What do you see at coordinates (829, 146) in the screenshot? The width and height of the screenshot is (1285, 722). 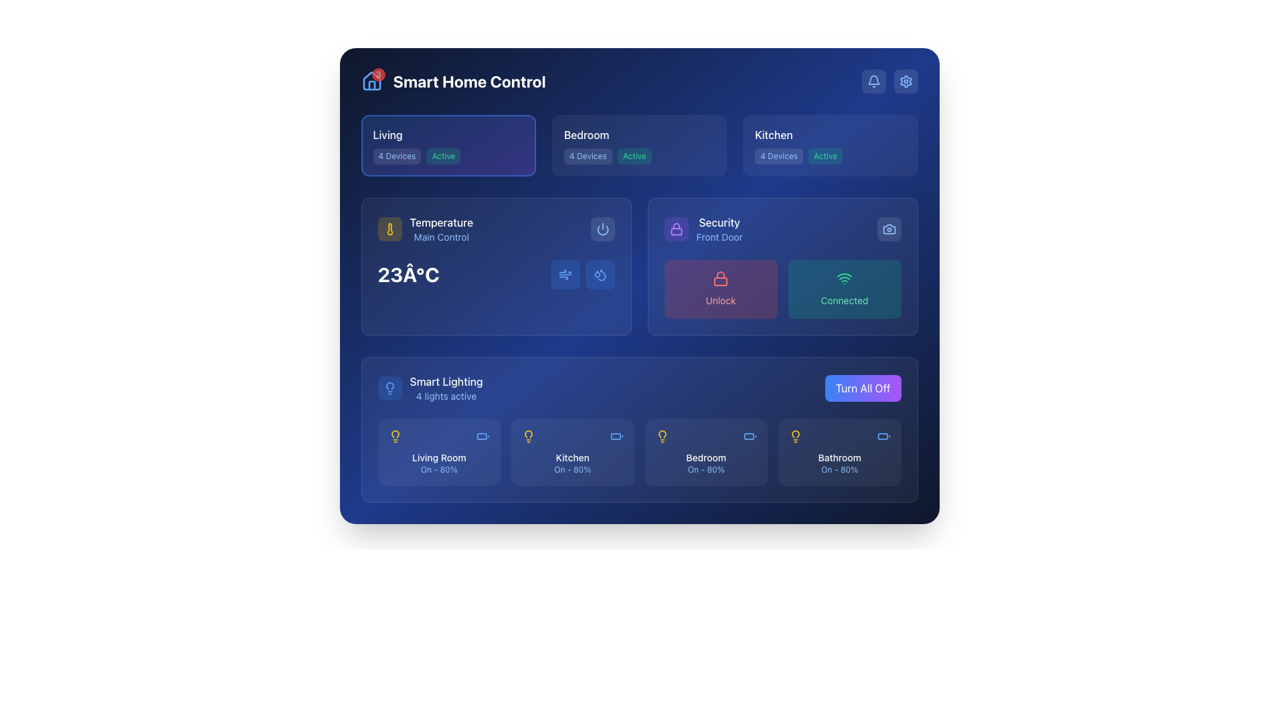 I see `the interactive information tile representing the 'Kitchen' section` at bounding box center [829, 146].